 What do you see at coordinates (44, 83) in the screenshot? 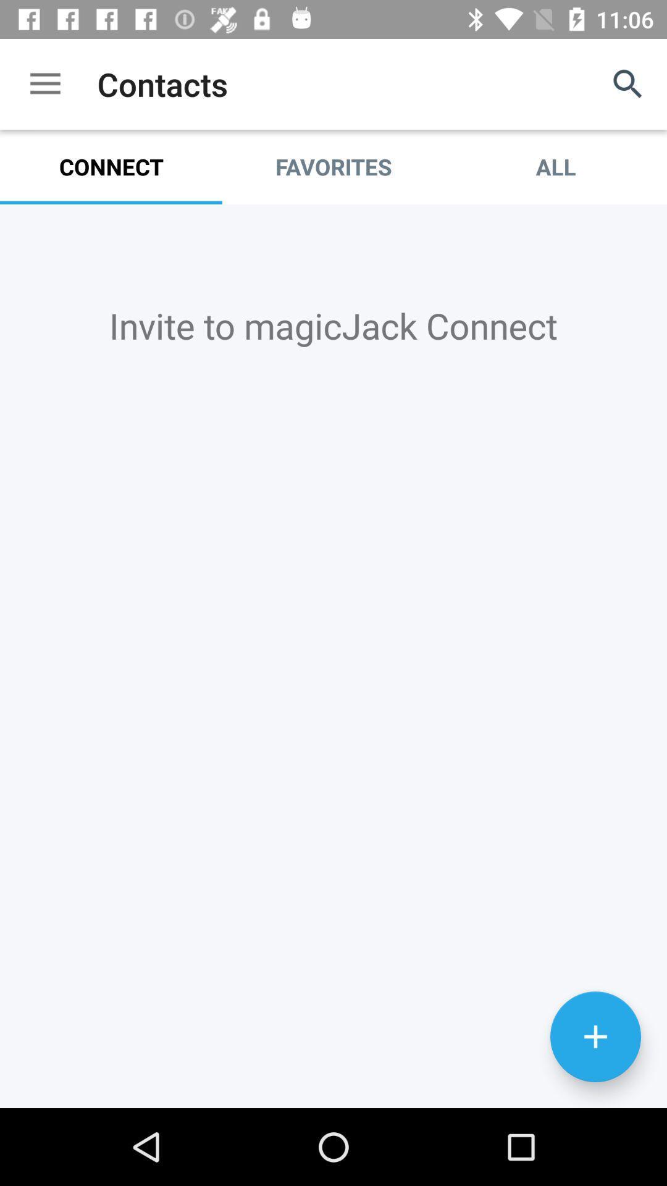
I see `the icon above connect icon` at bounding box center [44, 83].